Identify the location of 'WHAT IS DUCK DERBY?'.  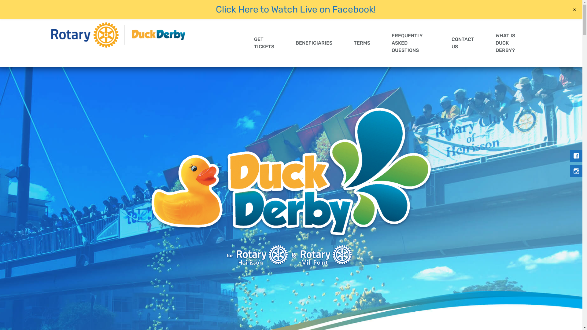
(508, 43).